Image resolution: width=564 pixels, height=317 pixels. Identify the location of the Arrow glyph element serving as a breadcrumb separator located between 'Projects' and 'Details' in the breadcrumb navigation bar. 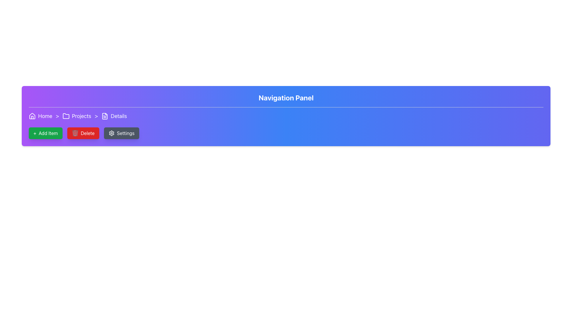
(96, 116).